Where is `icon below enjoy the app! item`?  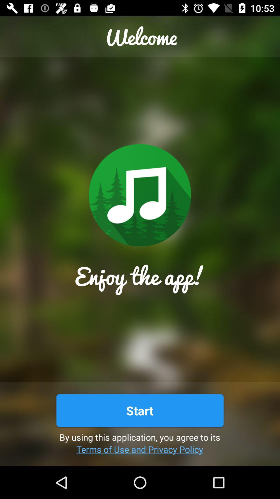
icon below enjoy the app! item is located at coordinates (139, 410).